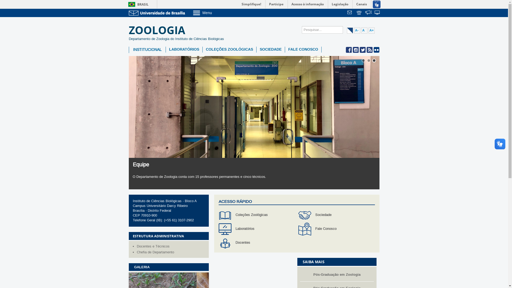 The width and height of the screenshot is (512, 288). Describe the element at coordinates (350, 13) in the screenshot. I see `'Webmail'` at that location.